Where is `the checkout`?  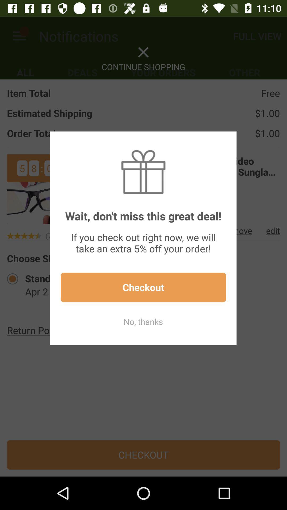
the checkout is located at coordinates (143, 287).